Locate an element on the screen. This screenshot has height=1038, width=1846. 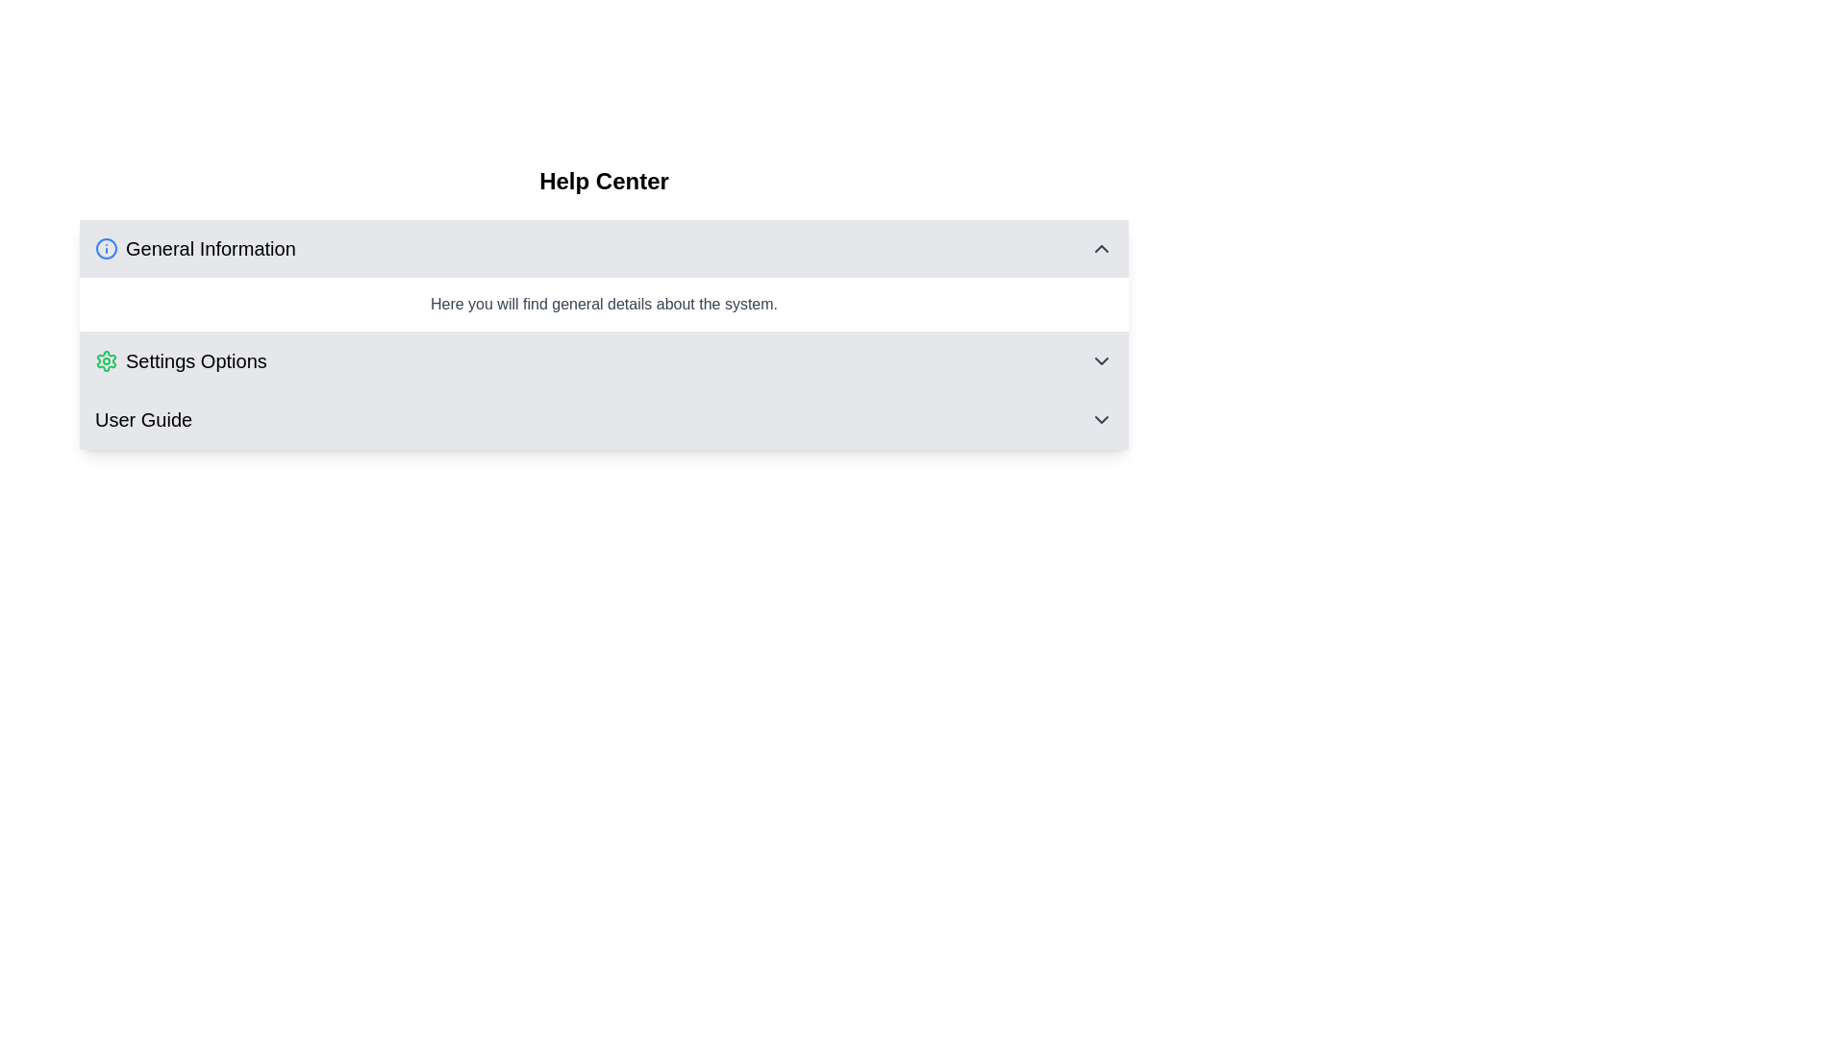
the circular boundary of the 'info' icon located left of the 'General Information' text in the top section of the menu is located at coordinates (105, 247).